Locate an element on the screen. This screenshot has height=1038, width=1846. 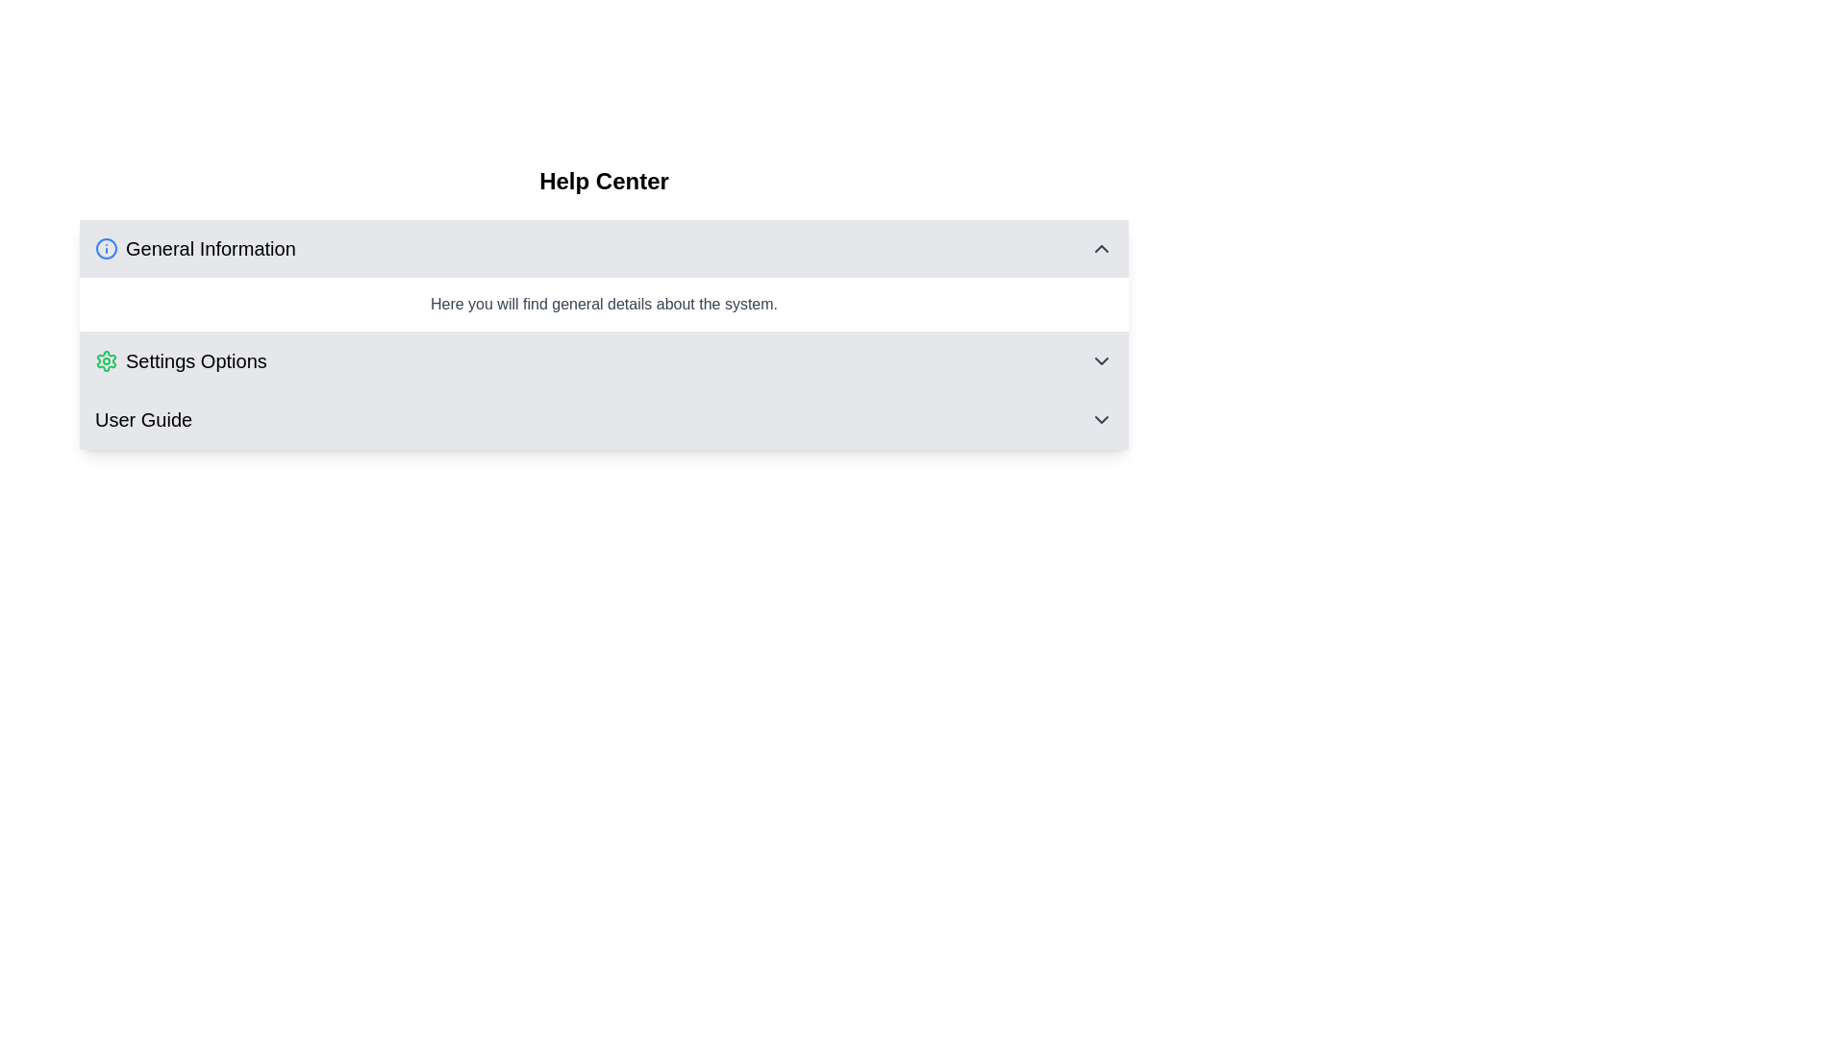
the circular boundary of the 'info' icon located left of the 'General Information' text in the top section of the menu is located at coordinates (105, 247).